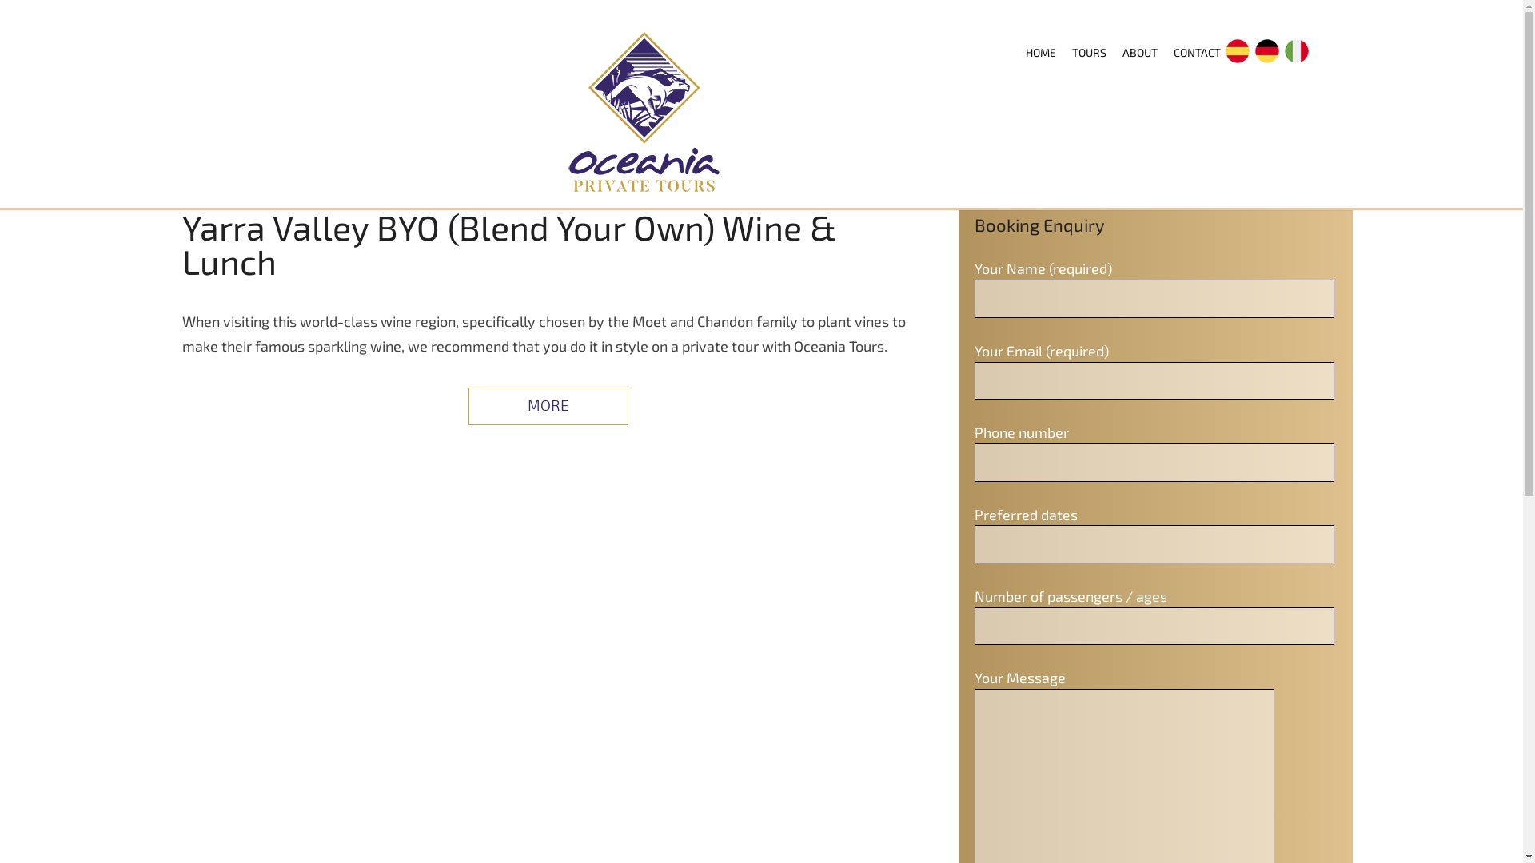 This screenshot has height=863, width=1535. Describe the element at coordinates (1131, 51) in the screenshot. I see `'ABOUT'` at that location.